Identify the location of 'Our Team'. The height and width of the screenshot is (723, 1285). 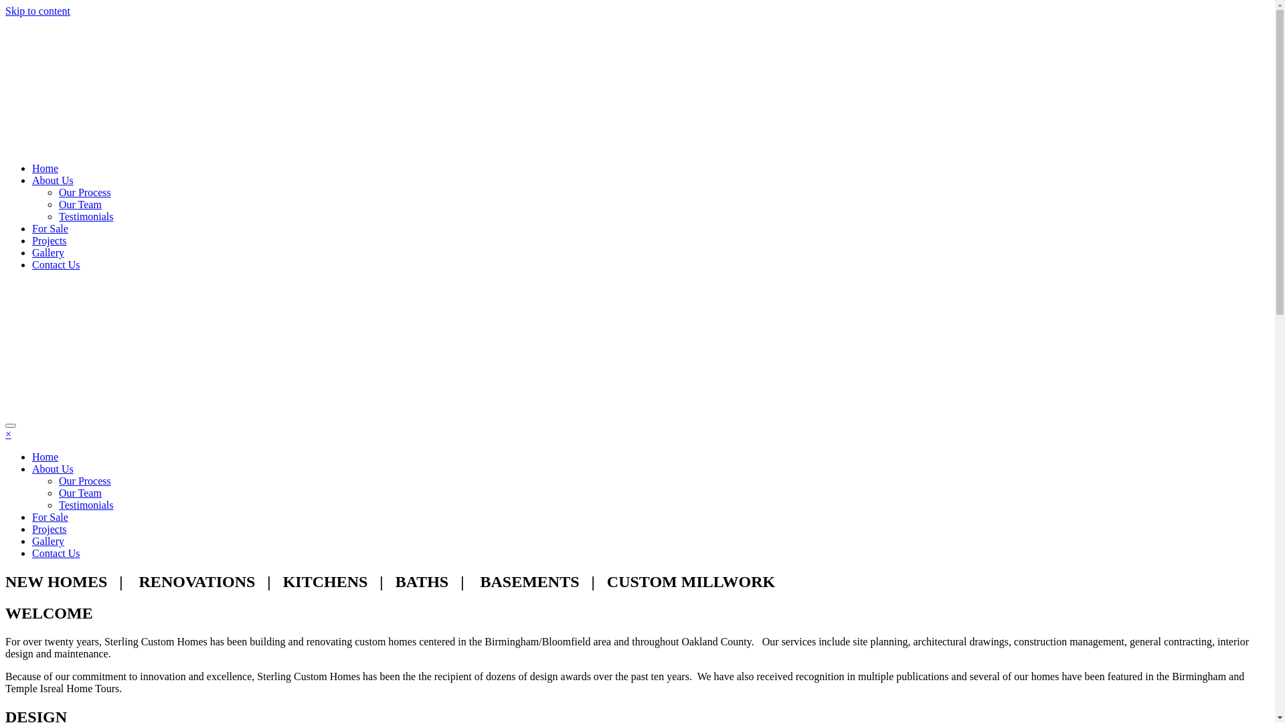
(80, 204).